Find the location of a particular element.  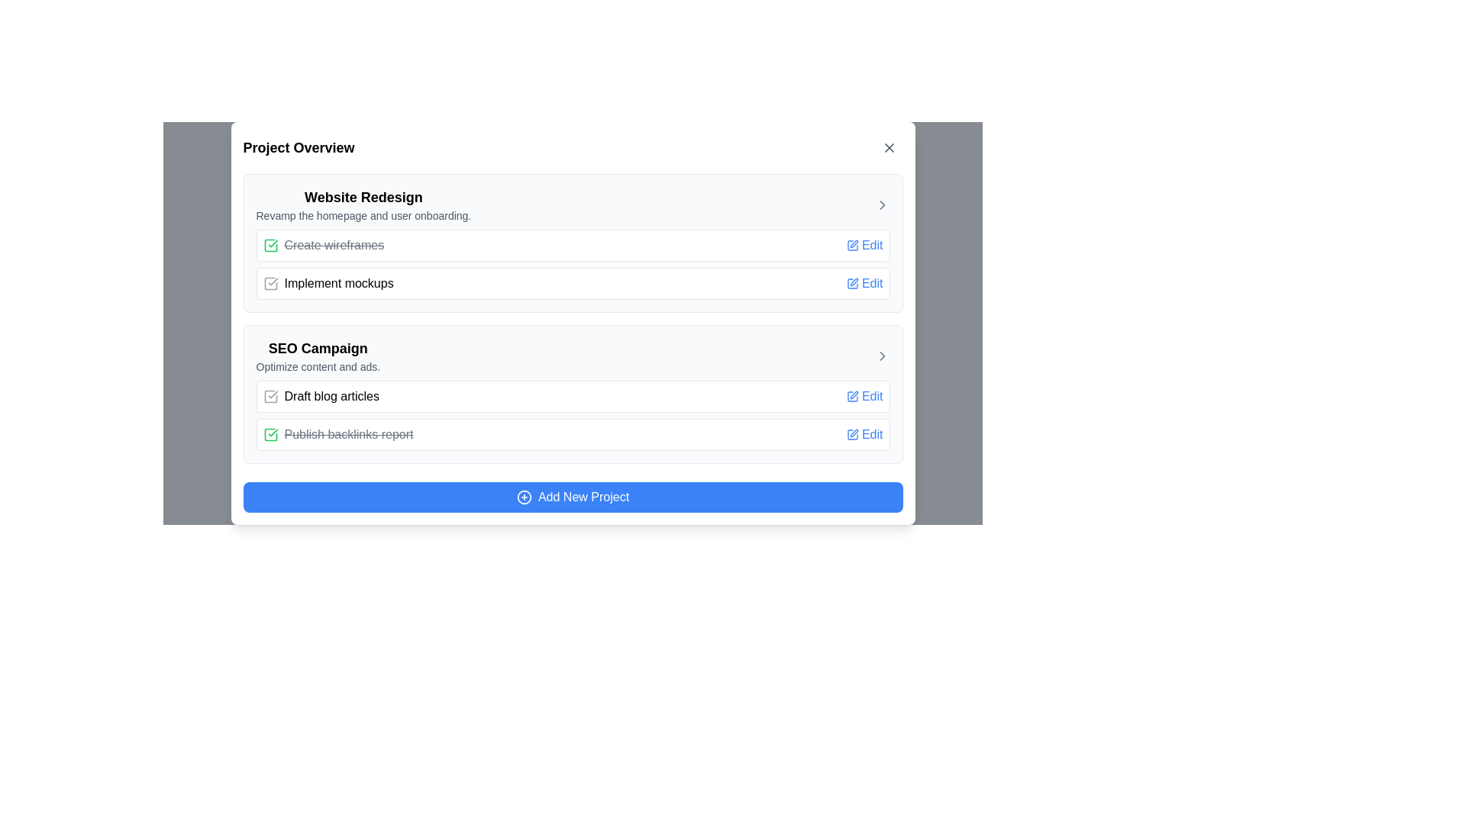

the static text content describing the 'SEO Campaign' project, which is the third item under the 'Website Redesign' heading in a vertical list is located at coordinates (317, 356).